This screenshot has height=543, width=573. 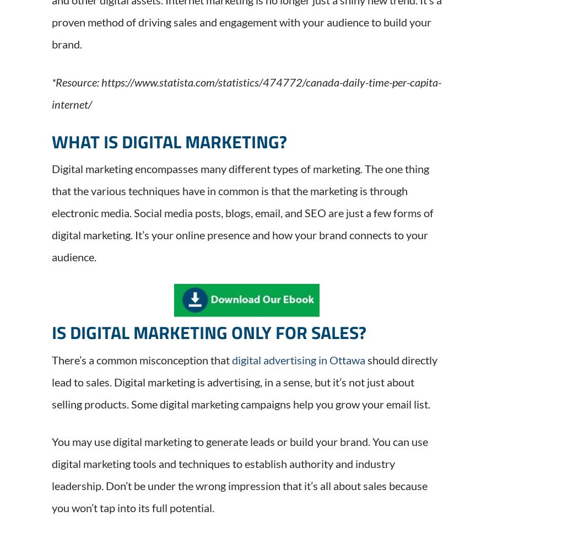 I want to click on 'Services', so click(x=312, y=397).